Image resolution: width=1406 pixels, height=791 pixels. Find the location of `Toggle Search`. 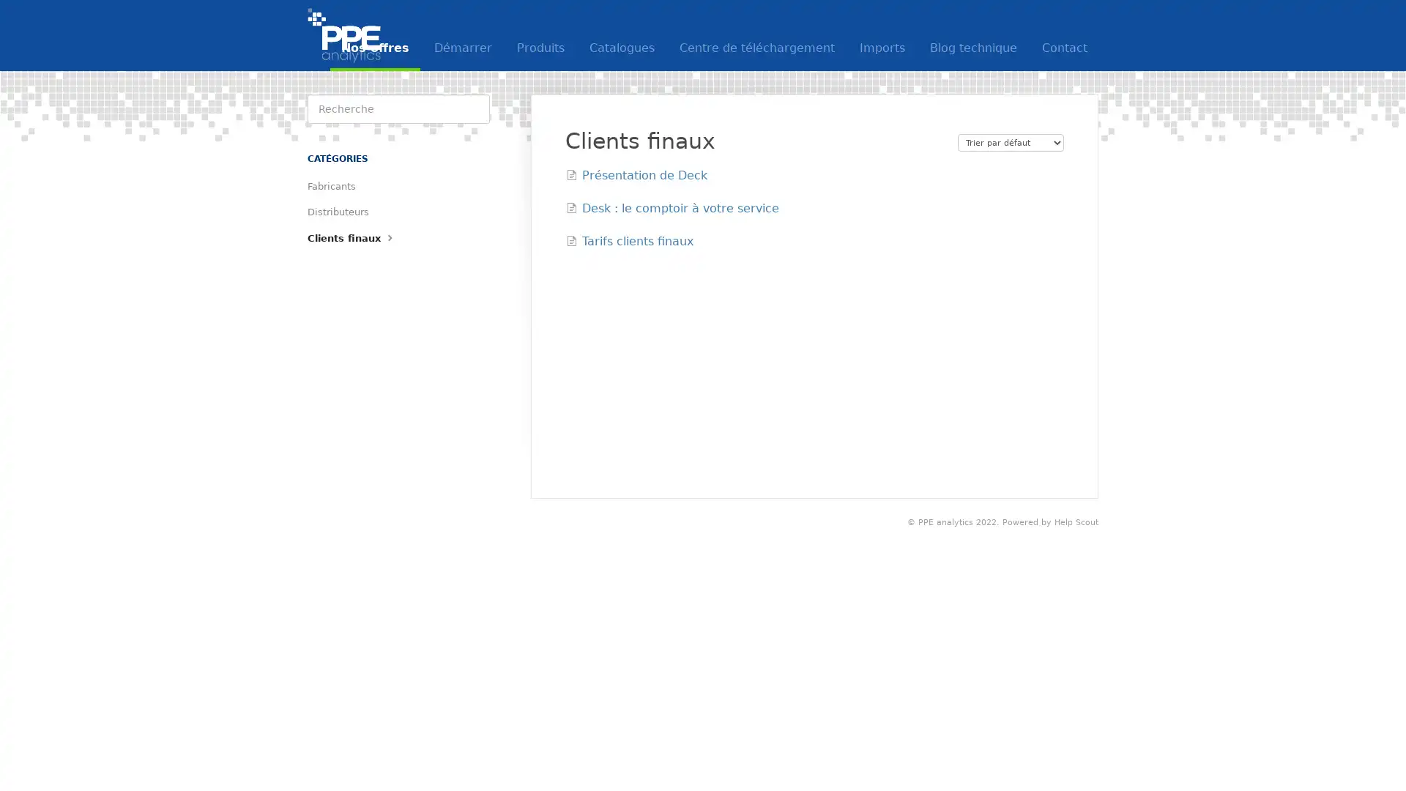

Toggle Search is located at coordinates (475, 108).